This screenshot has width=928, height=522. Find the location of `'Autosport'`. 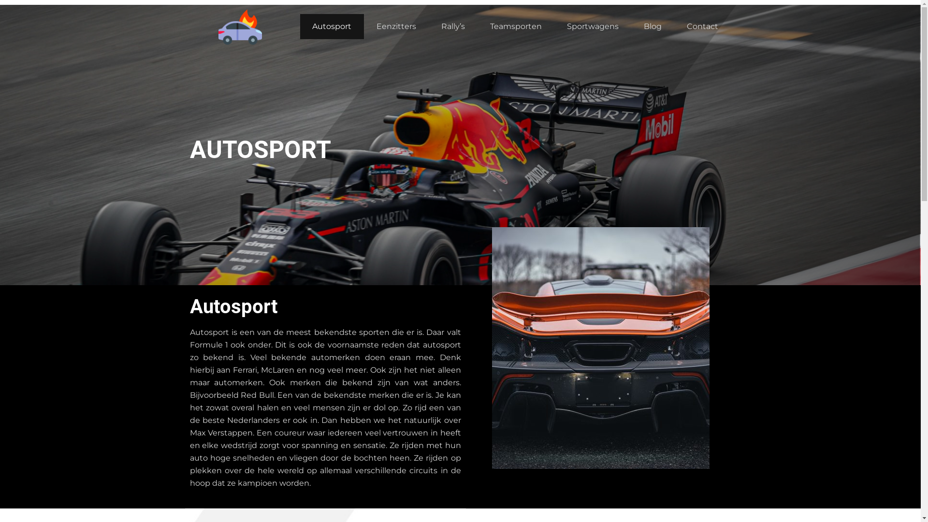

'Autosport' is located at coordinates (332, 26).